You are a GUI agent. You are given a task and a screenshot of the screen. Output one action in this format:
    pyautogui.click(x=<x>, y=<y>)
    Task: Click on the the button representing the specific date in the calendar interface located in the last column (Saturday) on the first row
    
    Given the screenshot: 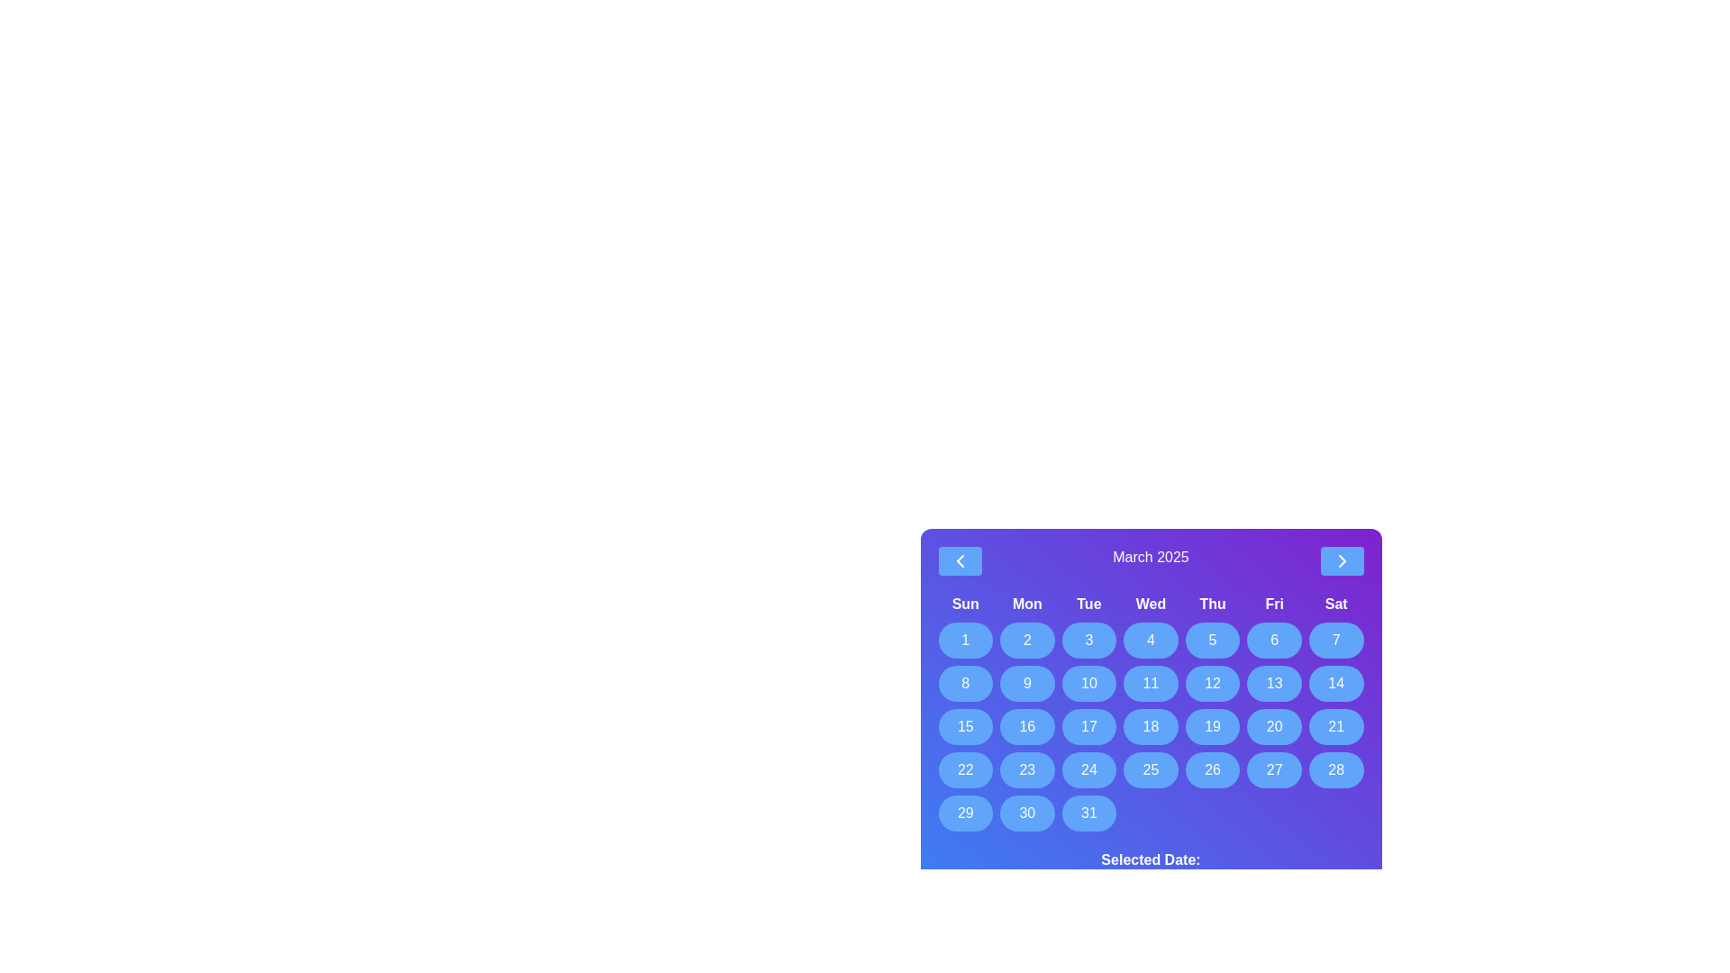 What is the action you would take?
    pyautogui.click(x=1336, y=639)
    